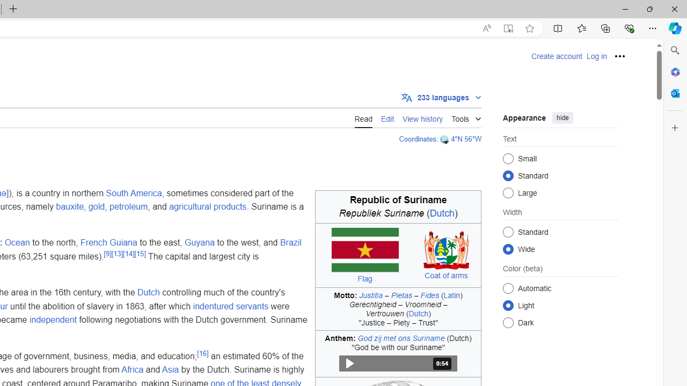 The width and height of the screenshot is (687, 386). What do you see at coordinates (230, 306) in the screenshot?
I see `'indentured servants'` at bounding box center [230, 306].